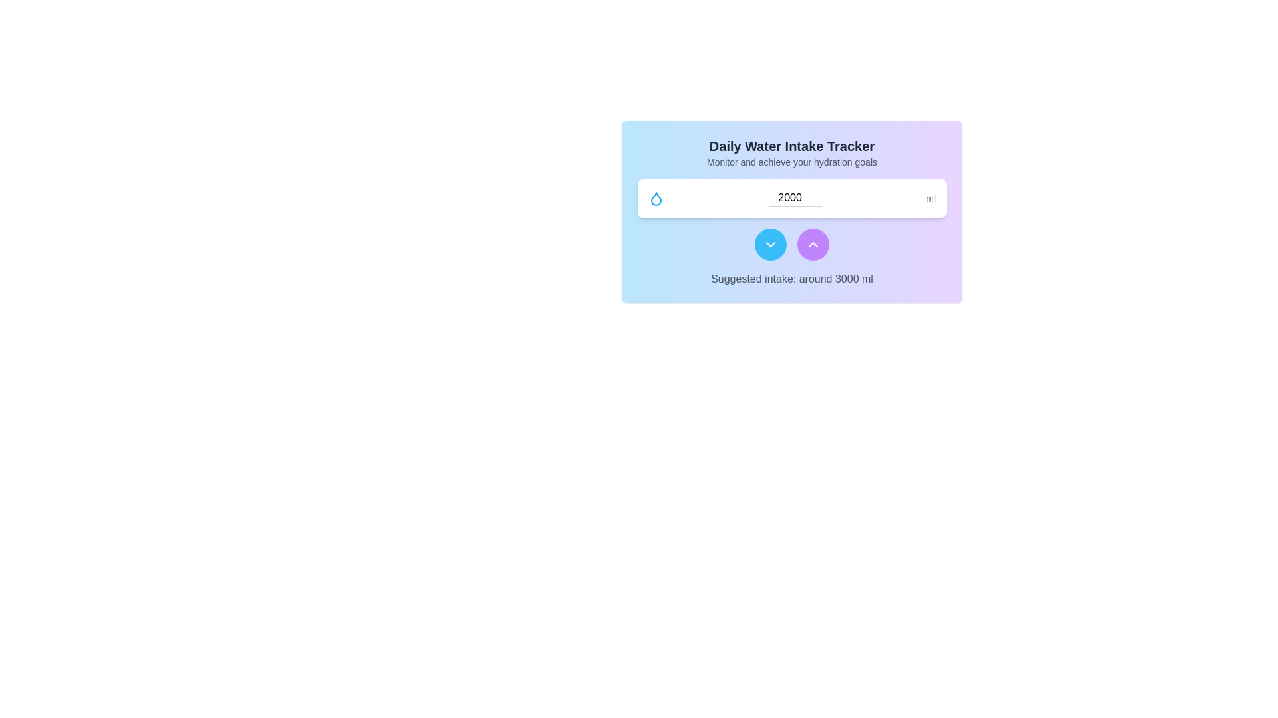 This screenshot has height=718, width=1278. Describe the element at coordinates (770, 244) in the screenshot. I see `the circular light blue button with a white downward-pointing chevron icon to observe its hover state` at that location.